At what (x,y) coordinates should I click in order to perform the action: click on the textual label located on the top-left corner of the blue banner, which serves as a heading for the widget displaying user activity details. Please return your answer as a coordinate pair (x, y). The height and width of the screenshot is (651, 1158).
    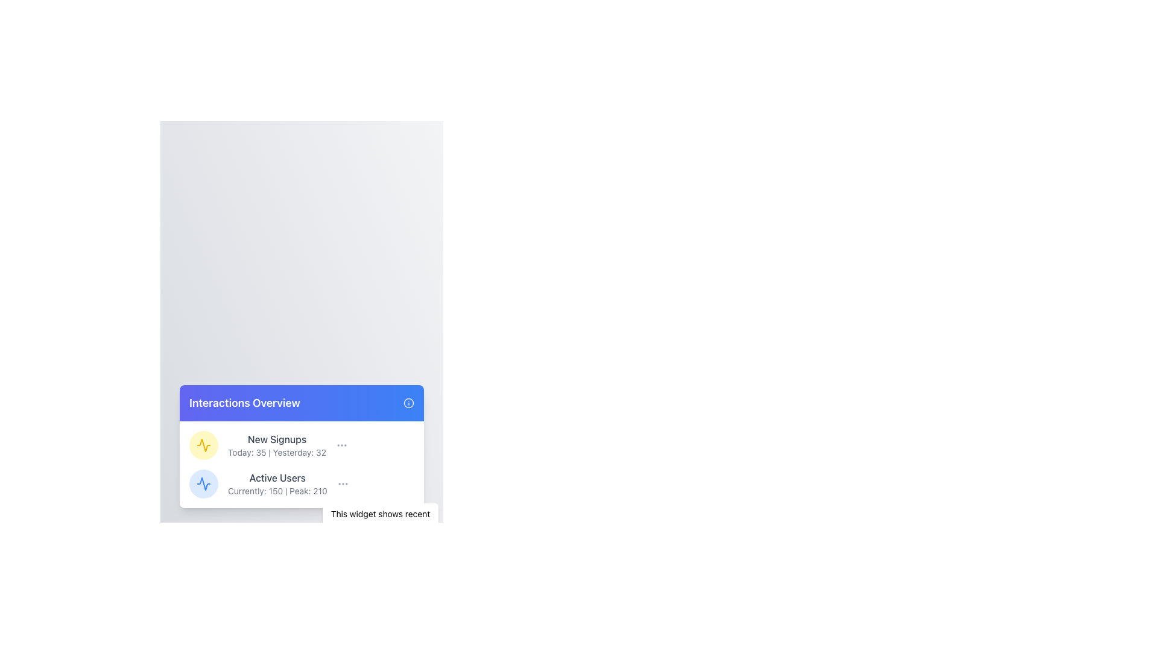
    Looking at the image, I should click on (244, 403).